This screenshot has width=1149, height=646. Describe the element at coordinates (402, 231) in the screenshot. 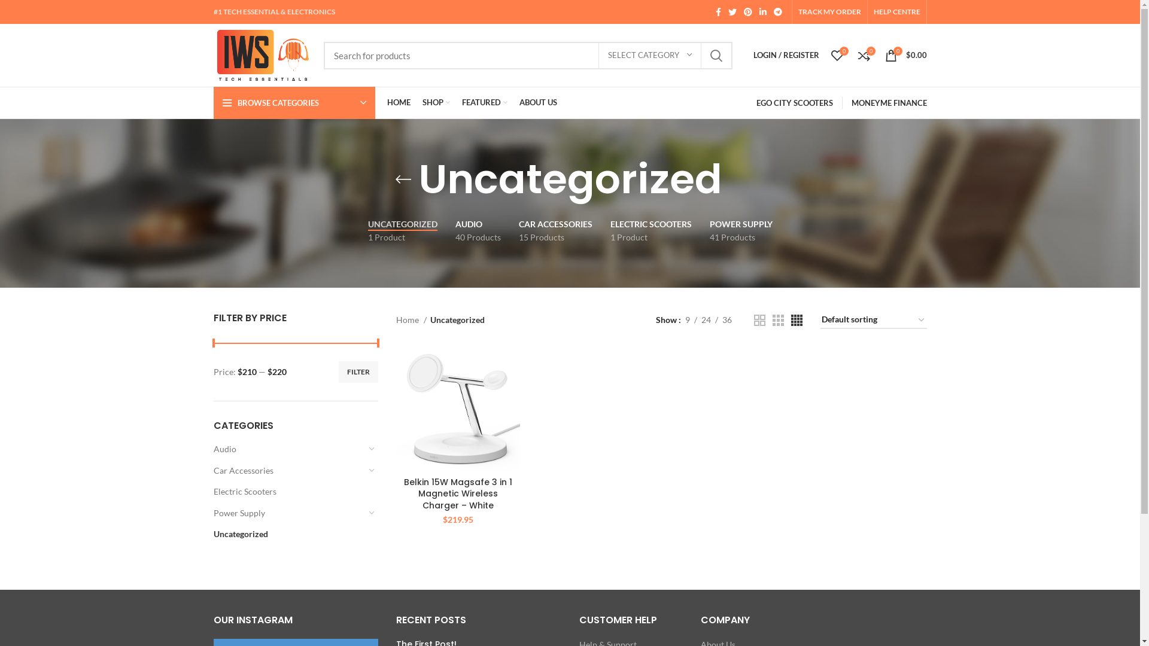

I see `'UNCATEGORIZED` at that location.